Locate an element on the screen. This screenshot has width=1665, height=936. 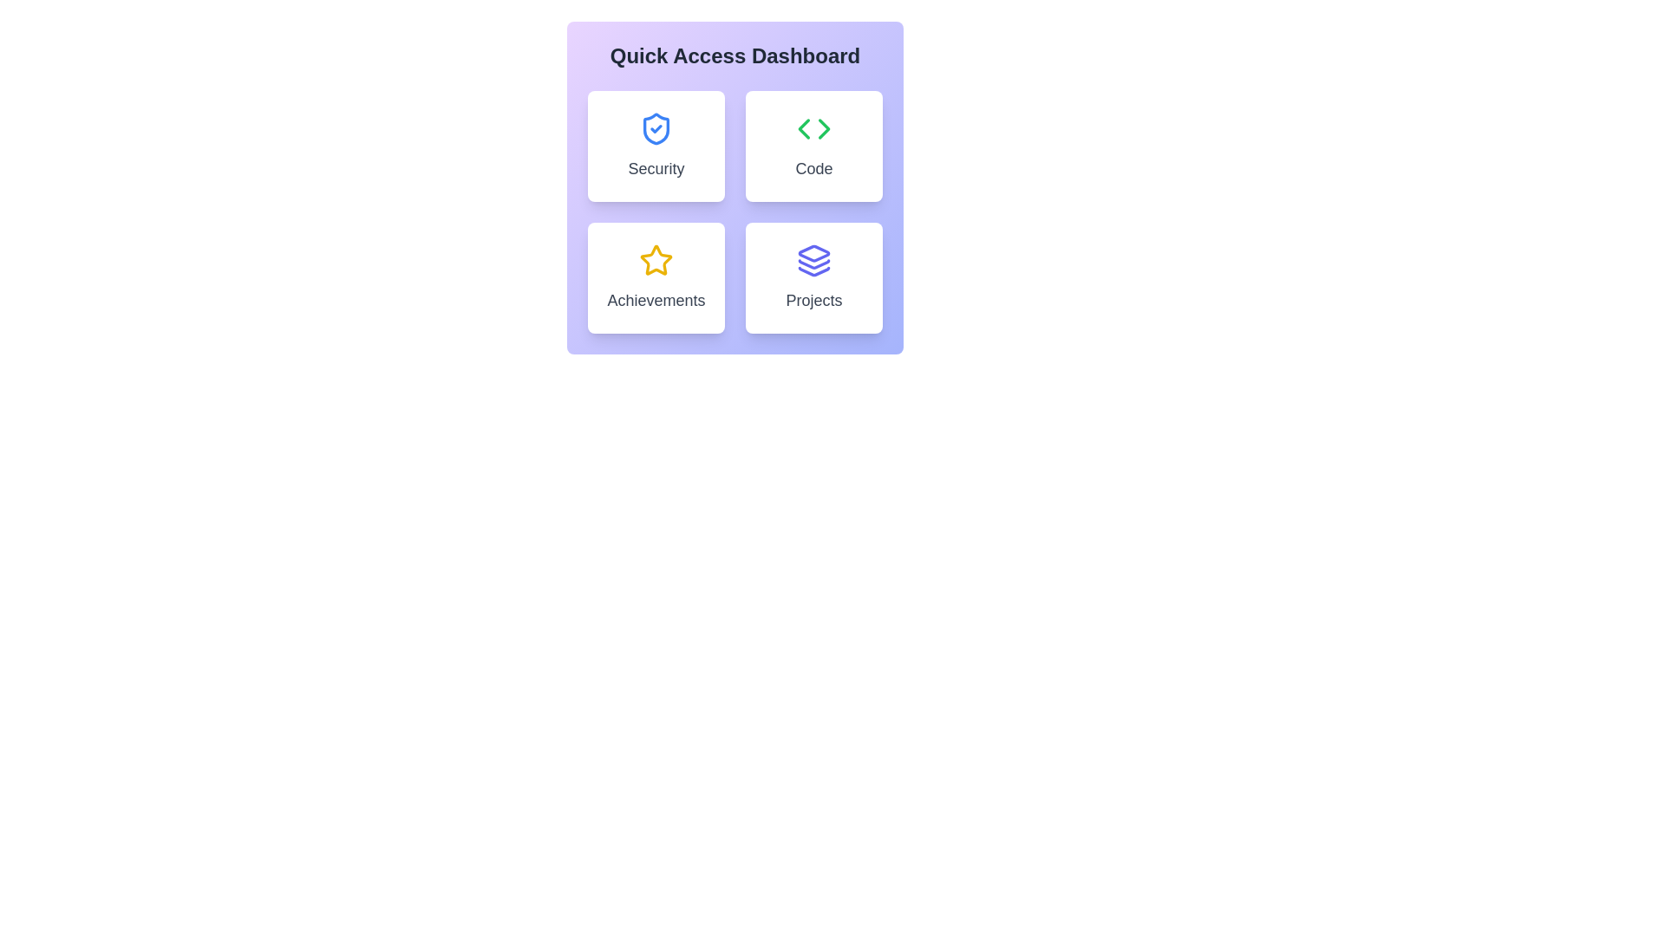
the interactive text label reading 'Code' located at the bottom of the top-right card in the 2x2 grid layout under 'Quick Access Dashboard' is located at coordinates (813, 169).